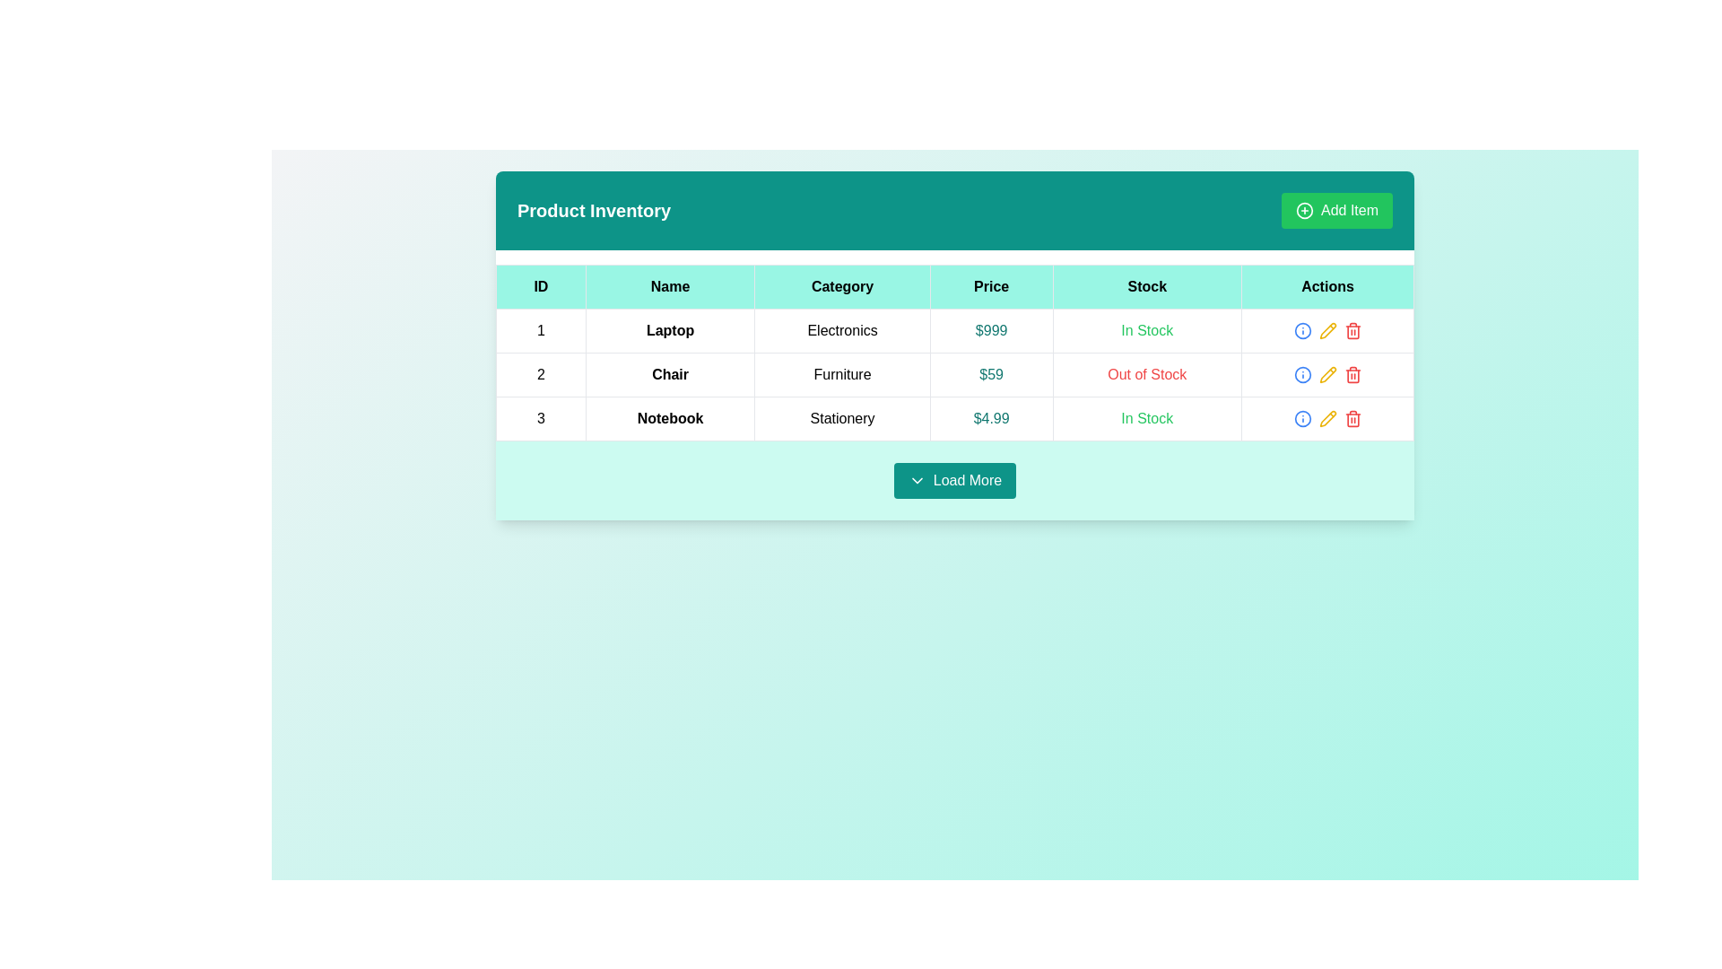 The image size is (1722, 969). Describe the element at coordinates (669, 418) in the screenshot. I see `the text label displaying 'Notebook', which is located in the second cell of the third row in the table, adjacent to the ID '3' and the category 'Stationery'` at that location.